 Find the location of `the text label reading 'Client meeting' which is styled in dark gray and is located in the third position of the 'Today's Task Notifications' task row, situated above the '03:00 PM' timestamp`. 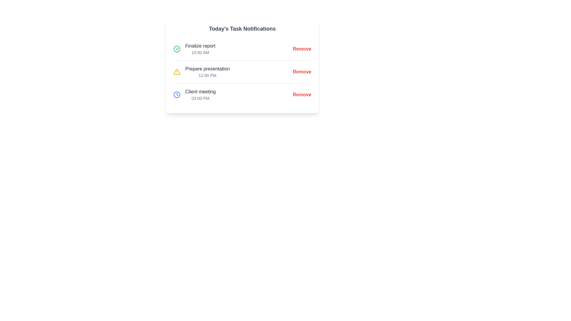

the text label reading 'Client meeting' which is styled in dark gray and is located in the third position of the 'Today's Task Notifications' task row, situated above the '03:00 PM' timestamp is located at coordinates (200, 92).